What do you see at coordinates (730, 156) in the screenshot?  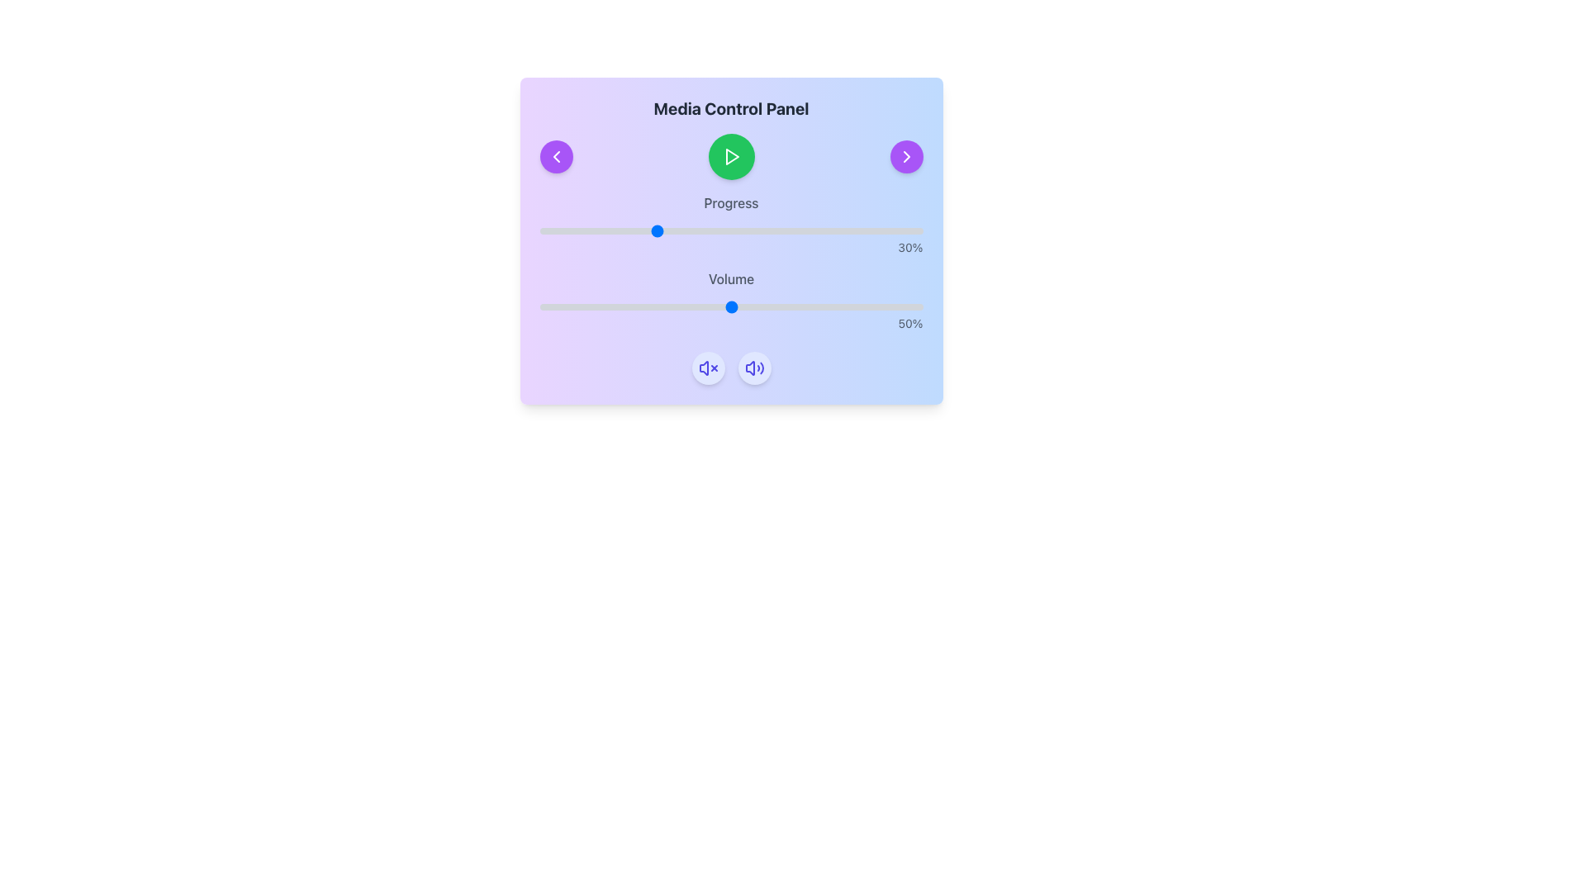 I see `the media playback button located at the center of three circular buttons beneath the 'Media Control Panel' header to trigger visual effects` at bounding box center [730, 156].